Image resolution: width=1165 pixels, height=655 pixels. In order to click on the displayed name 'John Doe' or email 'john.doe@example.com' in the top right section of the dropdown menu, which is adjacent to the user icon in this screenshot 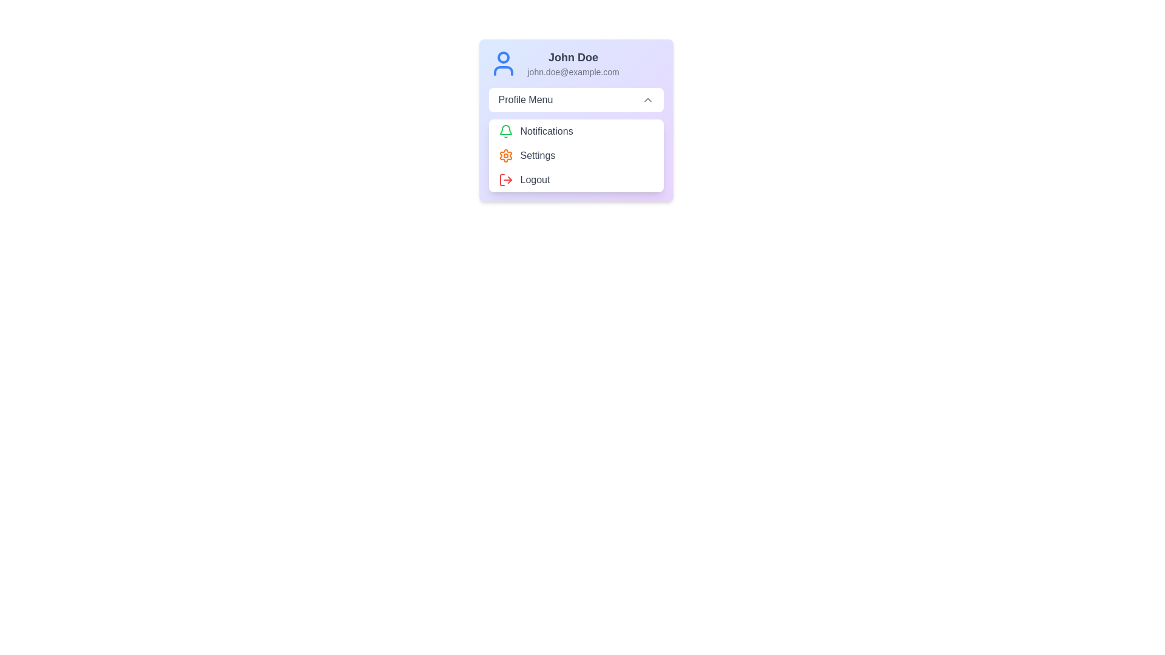, I will do `click(573, 63)`.